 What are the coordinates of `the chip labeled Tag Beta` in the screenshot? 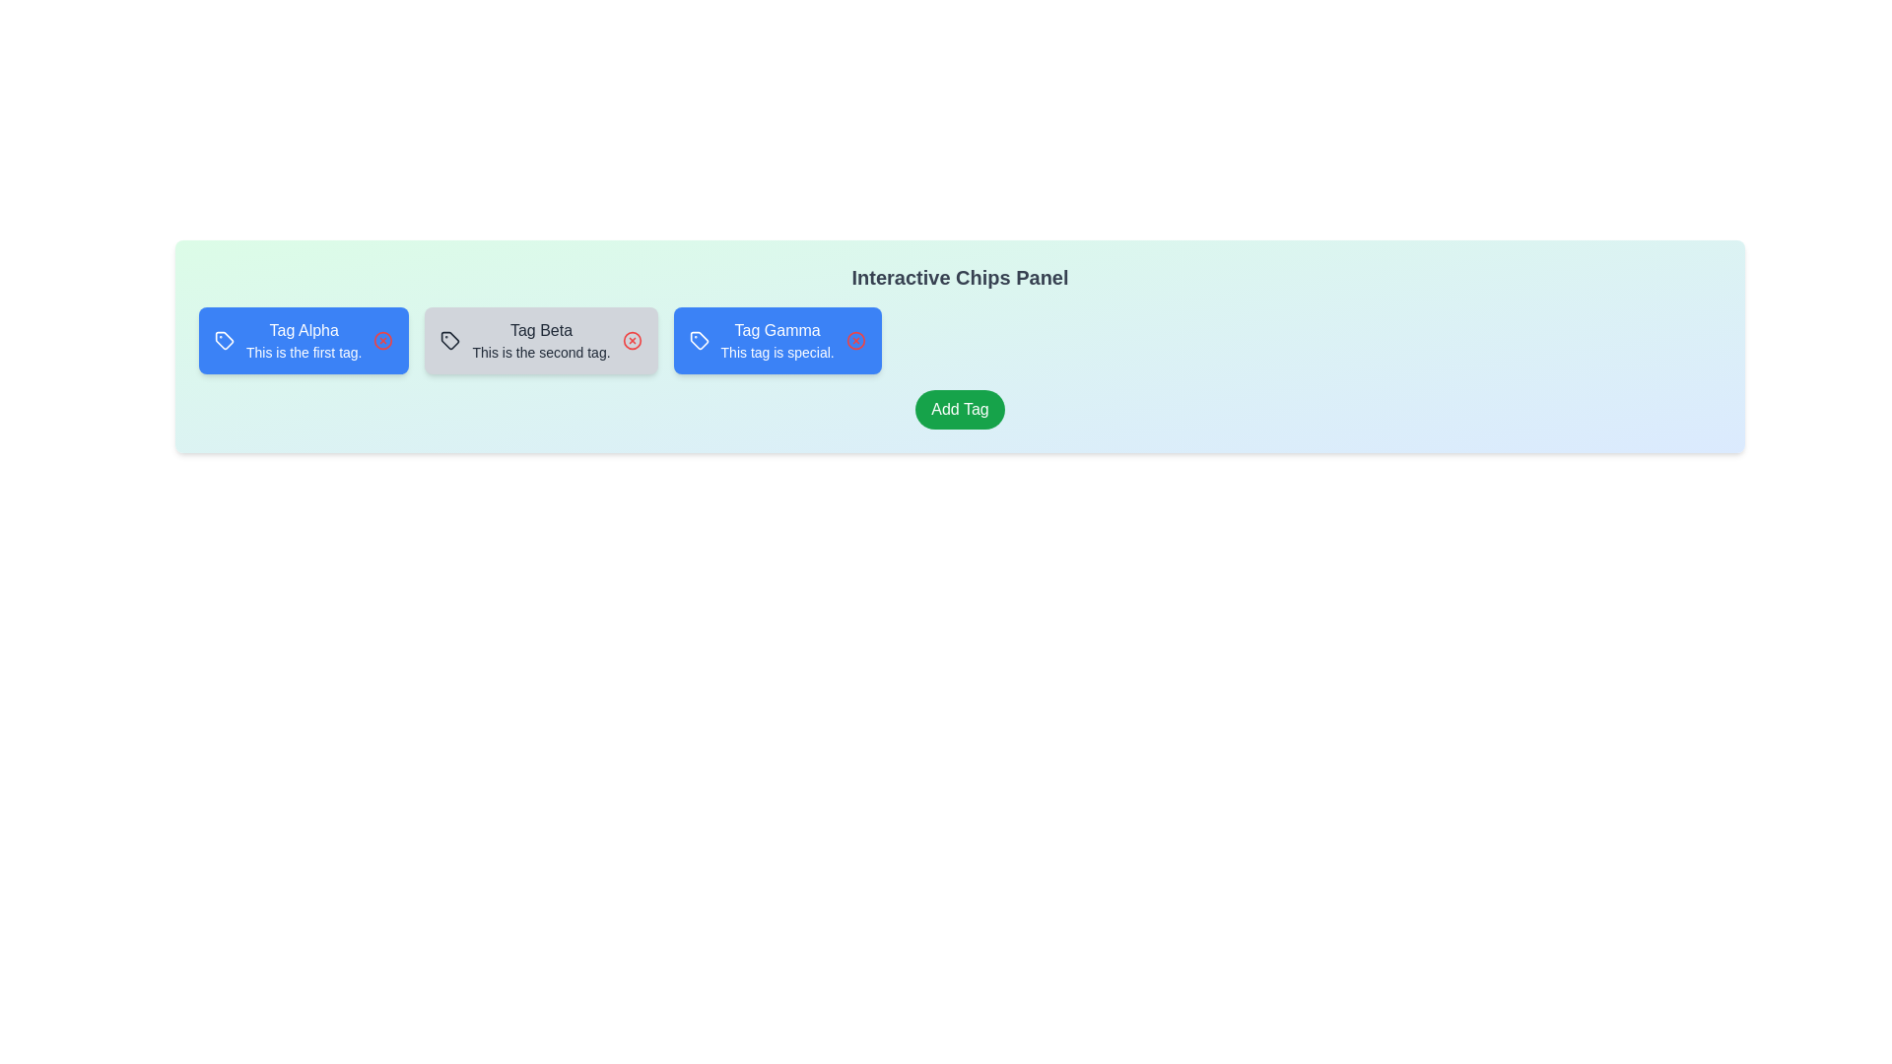 It's located at (541, 340).